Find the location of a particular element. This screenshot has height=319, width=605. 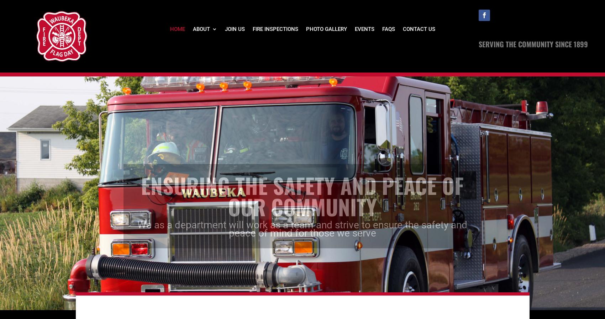

'Apparatus' is located at coordinates (217, 91).